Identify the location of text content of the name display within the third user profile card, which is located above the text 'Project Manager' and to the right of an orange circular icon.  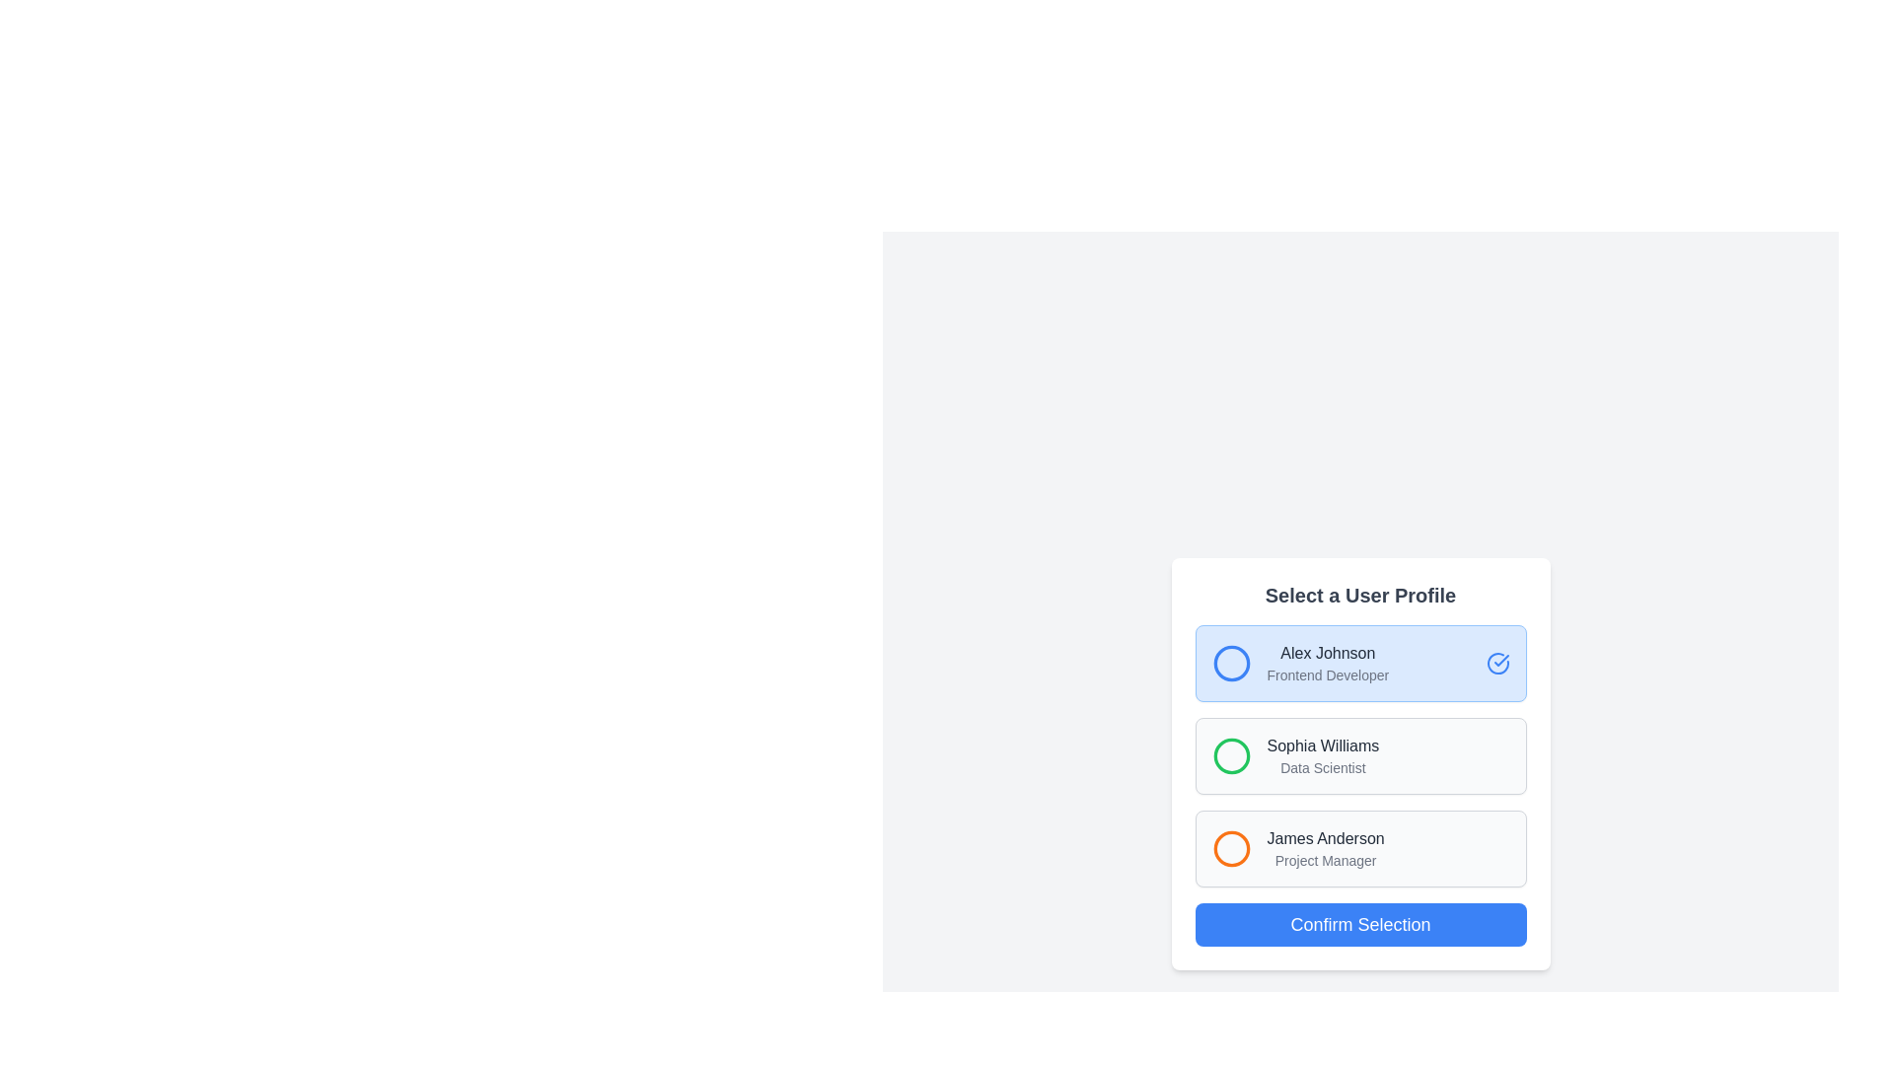
(1326, 839).